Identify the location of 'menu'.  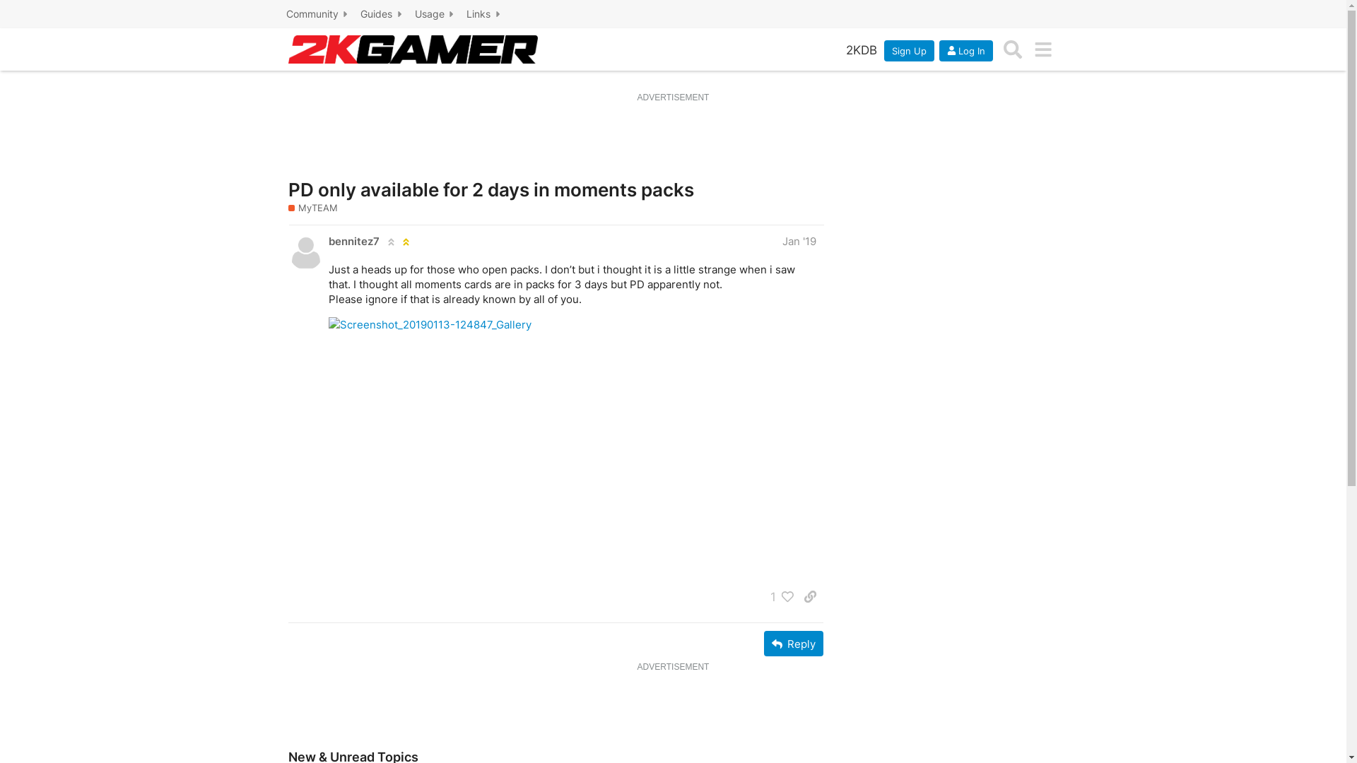
(1028, 49).